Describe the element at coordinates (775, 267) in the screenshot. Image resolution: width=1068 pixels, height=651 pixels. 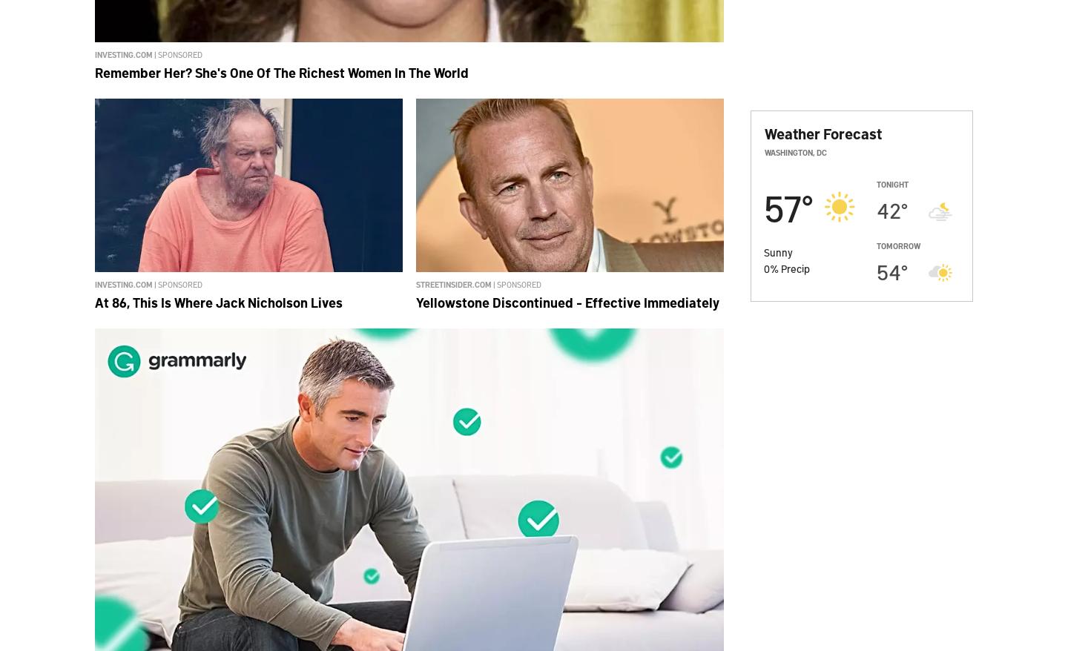
I see `'%'` at that location.